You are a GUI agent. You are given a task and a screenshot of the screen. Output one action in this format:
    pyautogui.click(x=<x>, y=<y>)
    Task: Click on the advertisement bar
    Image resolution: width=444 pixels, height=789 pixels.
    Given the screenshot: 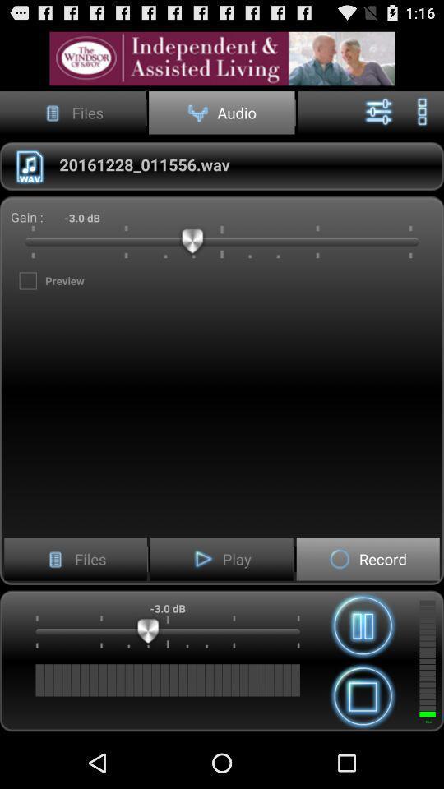 What is the action you would take?
    pyautogui.click(x=222, y=58)
    